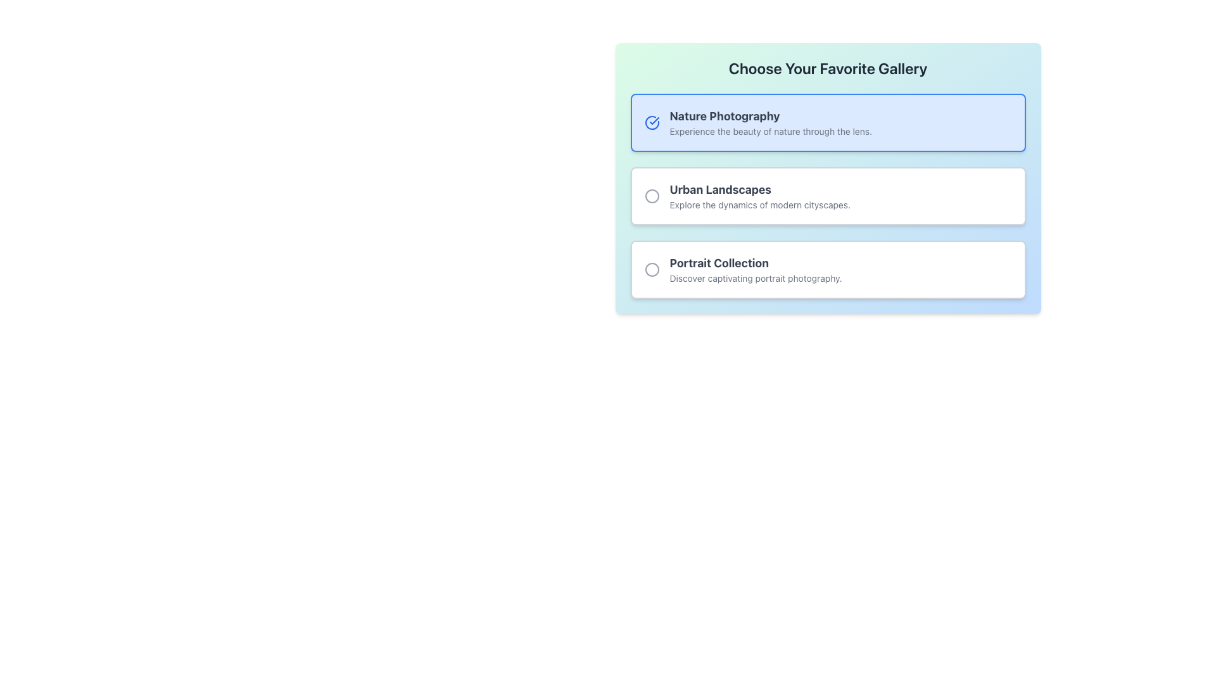 The width and height of the screenshot is (1216, 684). Describe the element at coordinates (828, 122) in the screenshot. I see `the 'Nature Photography' interactive card` at that location.